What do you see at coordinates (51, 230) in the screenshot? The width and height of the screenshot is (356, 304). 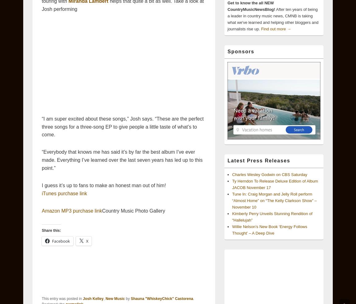 I see `'Share this:'` at bounding box center [51, 230].